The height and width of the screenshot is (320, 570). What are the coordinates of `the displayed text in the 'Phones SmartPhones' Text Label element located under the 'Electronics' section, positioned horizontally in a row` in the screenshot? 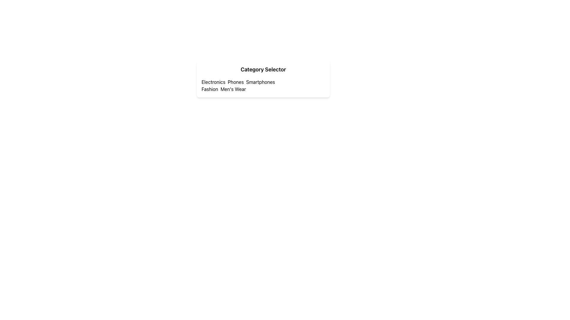 It's located at (251, 82).